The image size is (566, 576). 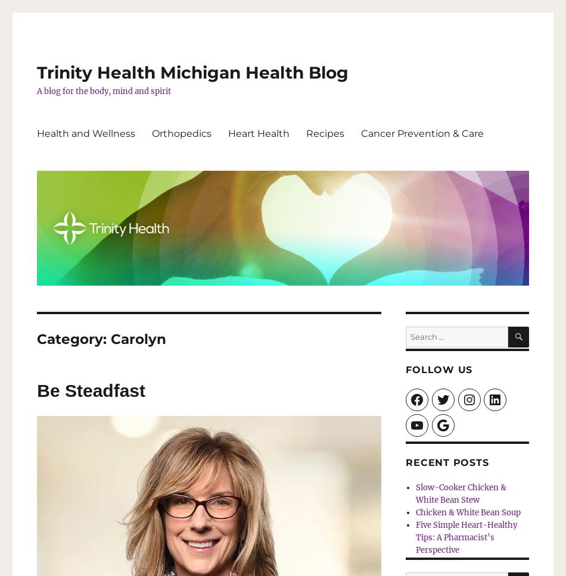 I want to click on 'Chicken & White Bean Soup', so click(x=467, y=511).